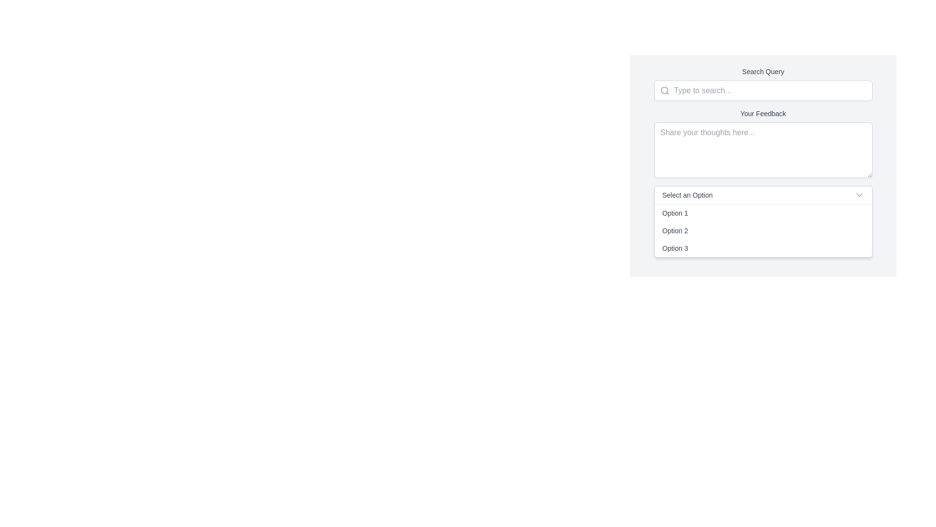  Describe the element at coordinates (762, 150) in the screenshot. I see `and drop text into the text input area located directly below the label 'Your Feedback'. This textarea allows users` at that location.